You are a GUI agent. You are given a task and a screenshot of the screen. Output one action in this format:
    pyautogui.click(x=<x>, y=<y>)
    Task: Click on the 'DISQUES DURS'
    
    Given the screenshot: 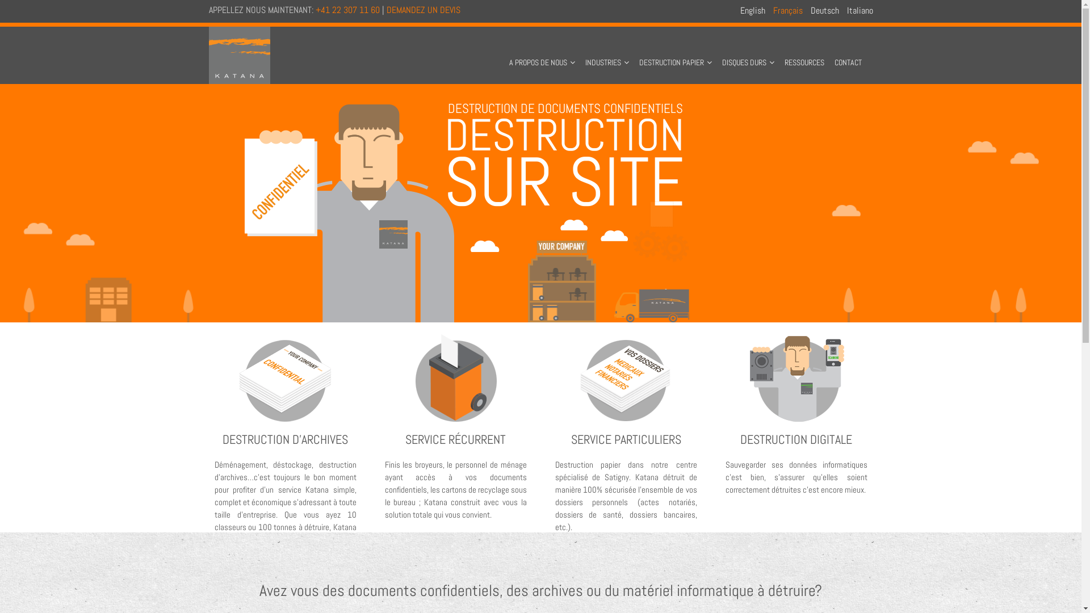 What is the action you would take?
    pyautogui.click(x=719, y=53)
    